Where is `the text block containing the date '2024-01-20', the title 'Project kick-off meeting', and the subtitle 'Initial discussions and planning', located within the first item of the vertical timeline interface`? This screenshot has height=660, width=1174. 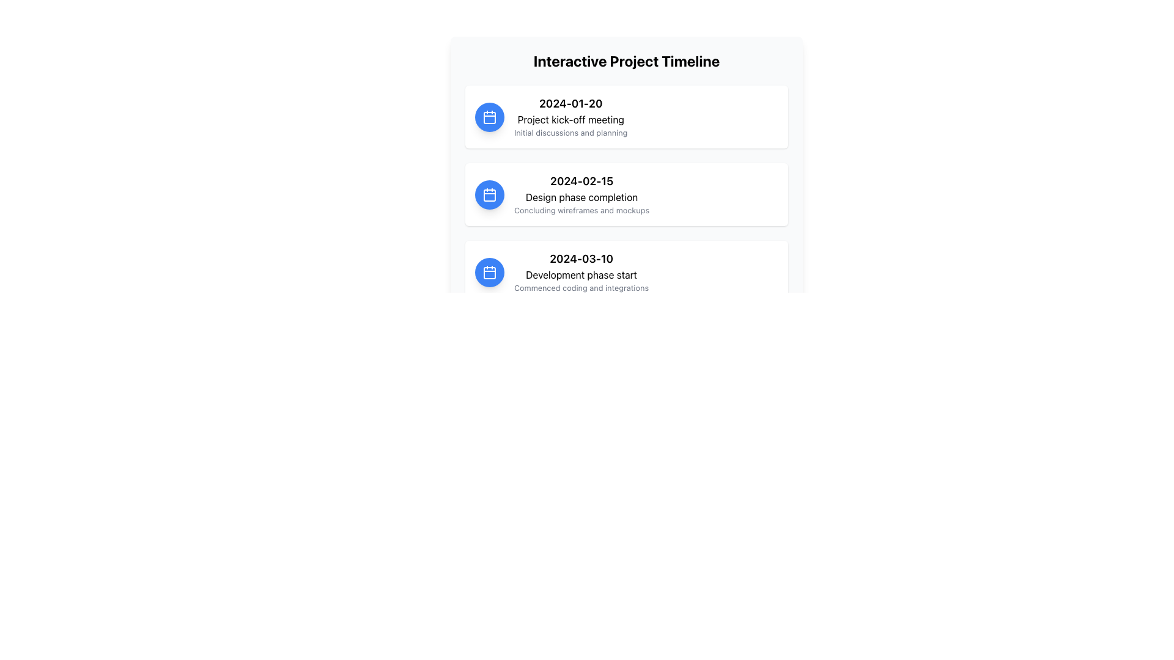 the text block containing the date '2024-01-20', the title 'Project kick-off meeting', and the subtitle 'Initial discussions and planning', located within the first item of the vertical timeline interface is located at coordinates (570, 117).